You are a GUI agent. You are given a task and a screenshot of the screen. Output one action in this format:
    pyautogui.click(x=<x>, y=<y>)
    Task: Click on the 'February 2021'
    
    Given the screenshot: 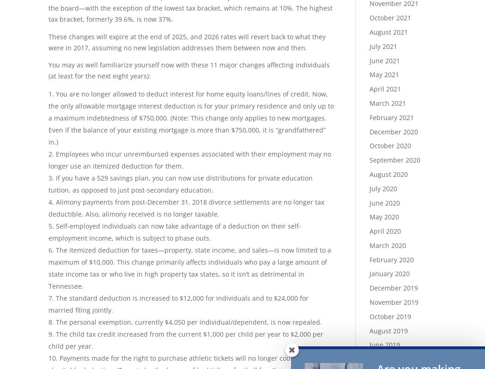 What is the action you would take?
    pyautogui.click(x=391, y=117)
    